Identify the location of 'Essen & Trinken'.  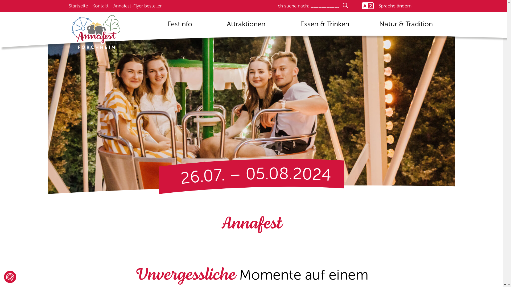
(295, 26).